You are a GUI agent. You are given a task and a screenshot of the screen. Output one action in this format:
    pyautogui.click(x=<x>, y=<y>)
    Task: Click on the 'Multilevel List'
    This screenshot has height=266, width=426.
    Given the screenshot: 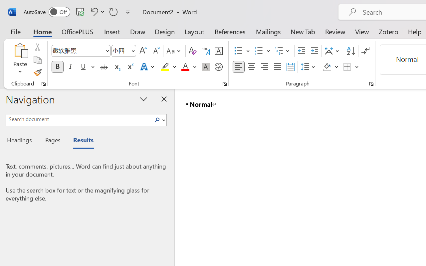 What is the action you would take?
    pyautogui.click(x=283, y=51)
    